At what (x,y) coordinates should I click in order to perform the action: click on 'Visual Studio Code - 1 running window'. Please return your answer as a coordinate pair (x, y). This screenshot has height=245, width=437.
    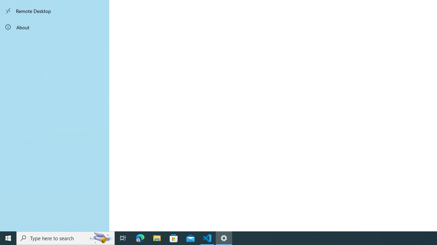
    Looking at the image, I should click on (207, 238).